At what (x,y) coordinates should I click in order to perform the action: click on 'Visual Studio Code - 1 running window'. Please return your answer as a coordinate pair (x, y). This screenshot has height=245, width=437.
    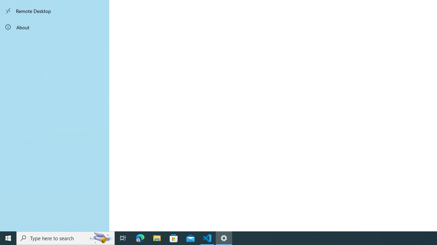
    Looking at the image, I should click on (207, 238).